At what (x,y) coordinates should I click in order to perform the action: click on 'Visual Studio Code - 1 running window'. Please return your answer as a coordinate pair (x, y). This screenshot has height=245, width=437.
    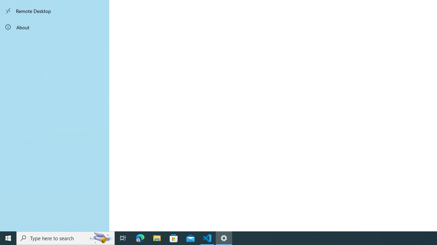
    Looking at the image, I should click on (207, 238).